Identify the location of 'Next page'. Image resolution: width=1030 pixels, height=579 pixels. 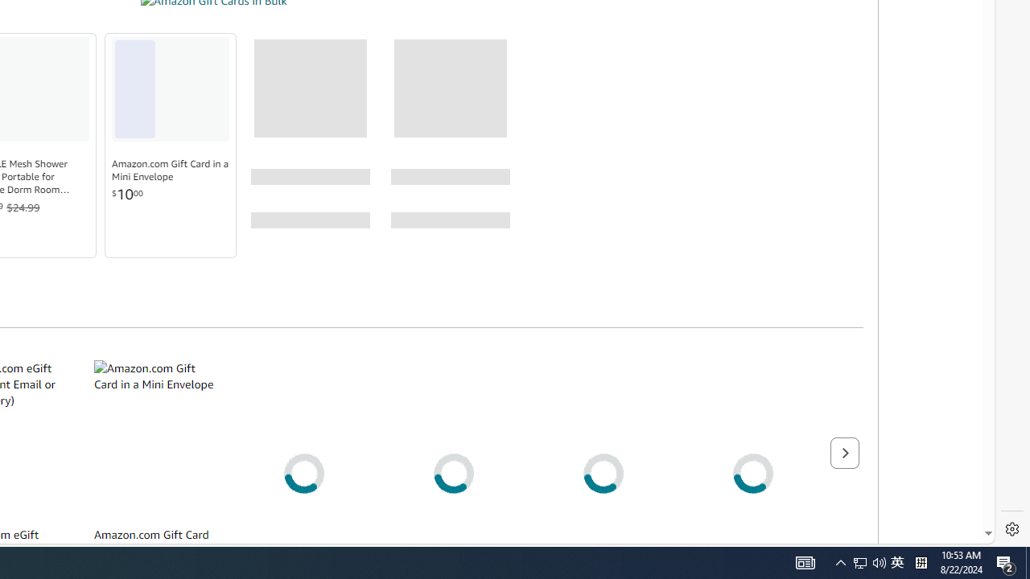
(843, 453).